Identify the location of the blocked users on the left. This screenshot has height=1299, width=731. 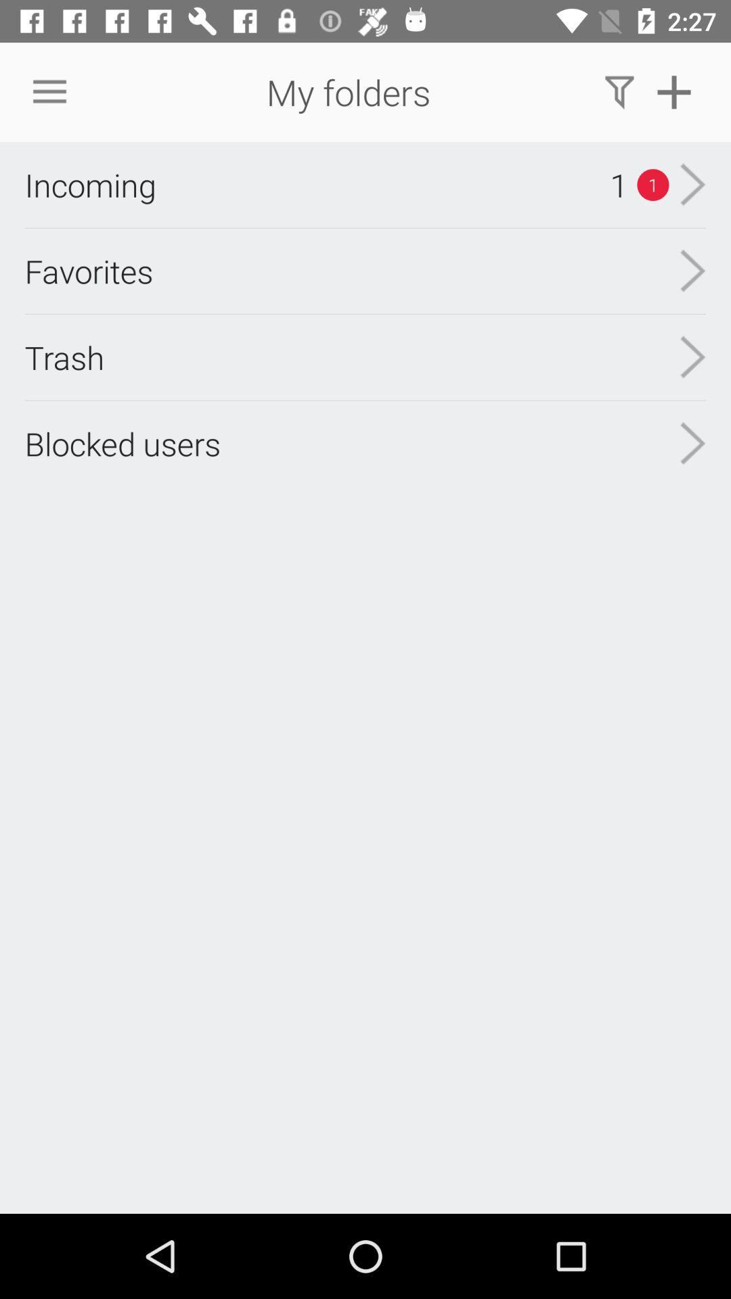
(123, 443).